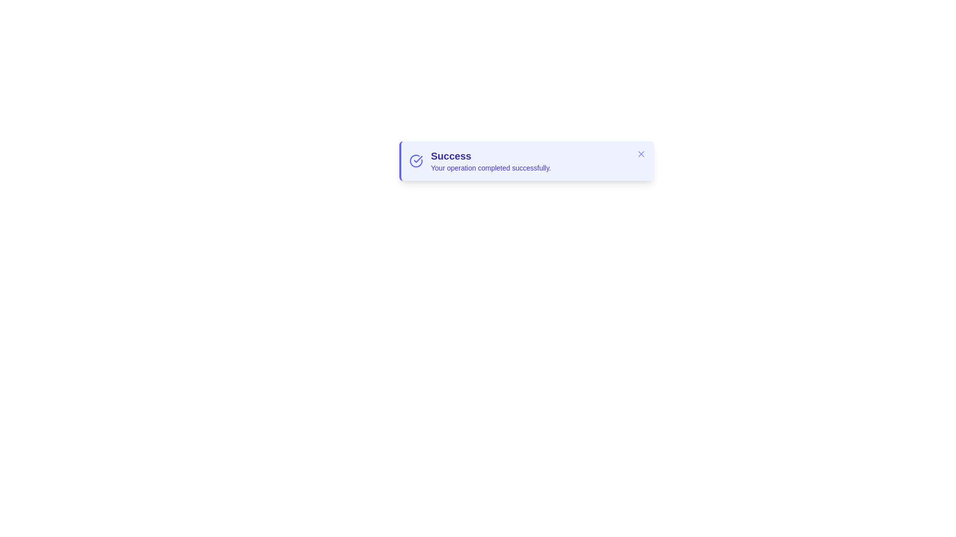 The image size is (956, 537). What do you see at coordinates (641, 154) in the screenshot?
I see `the graphical close button located in the upper-right corner of the notification box` at bounding box center [641, 154].